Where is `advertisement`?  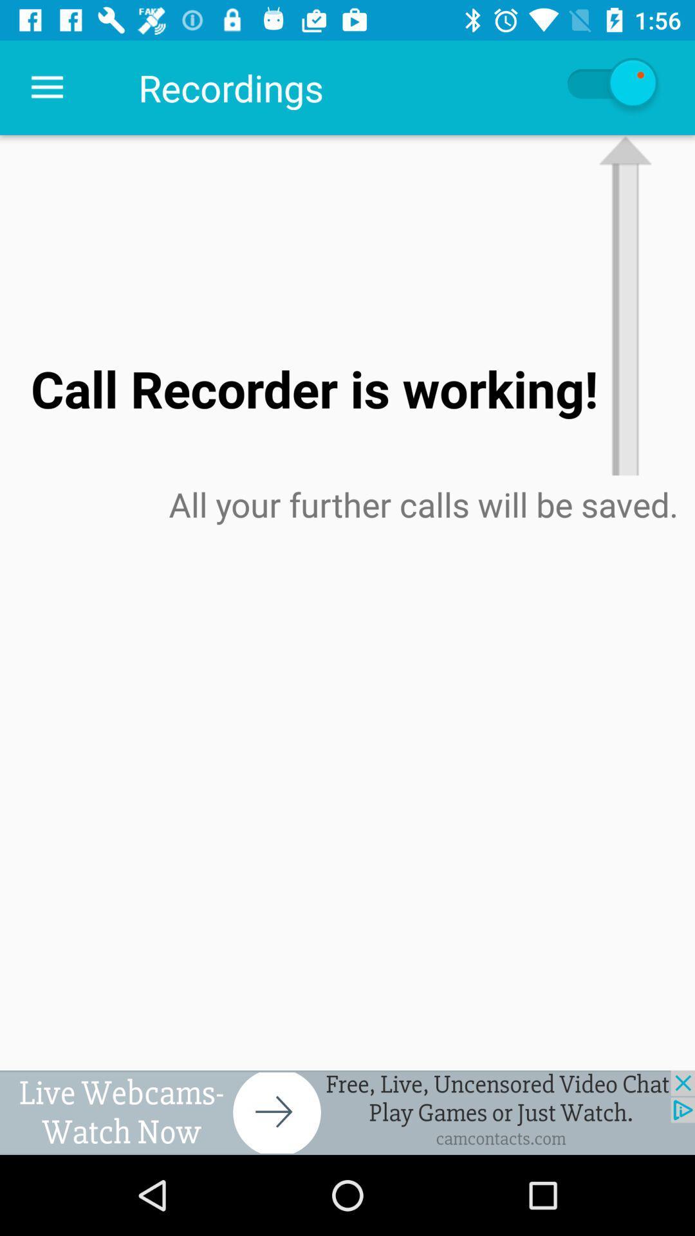 advertisement is located at coordinates (347, 1112).